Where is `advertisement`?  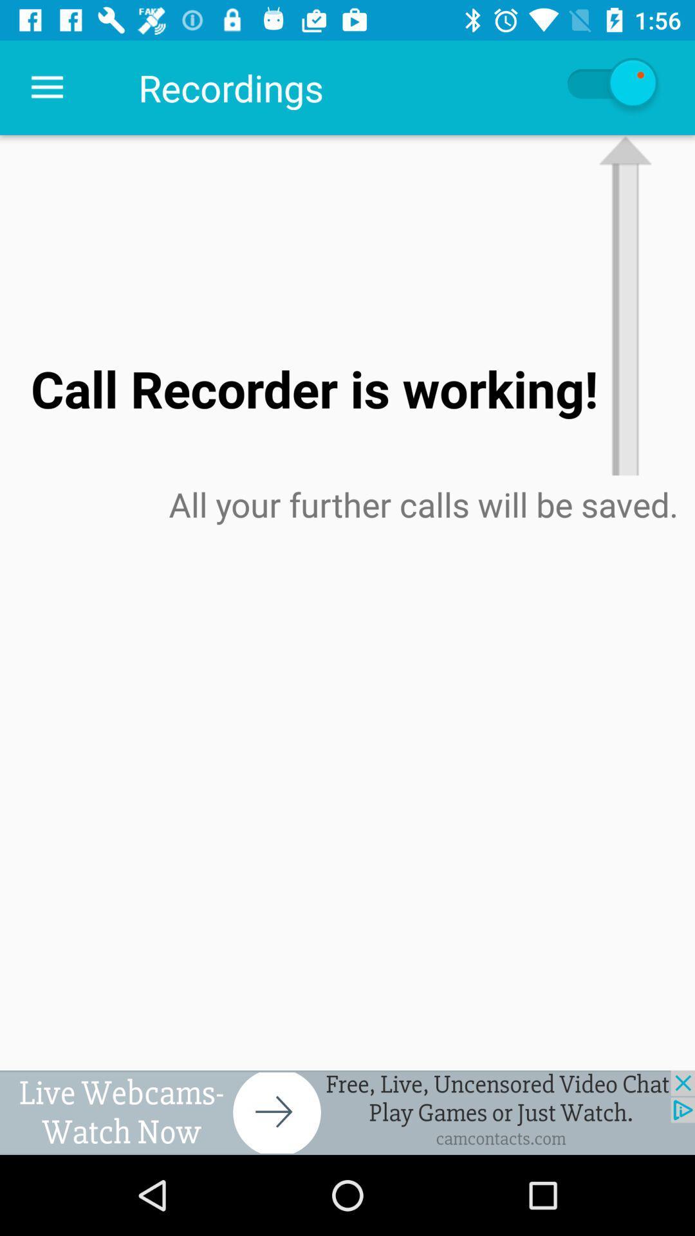 advertisement is located at coordinates (347, 1112).